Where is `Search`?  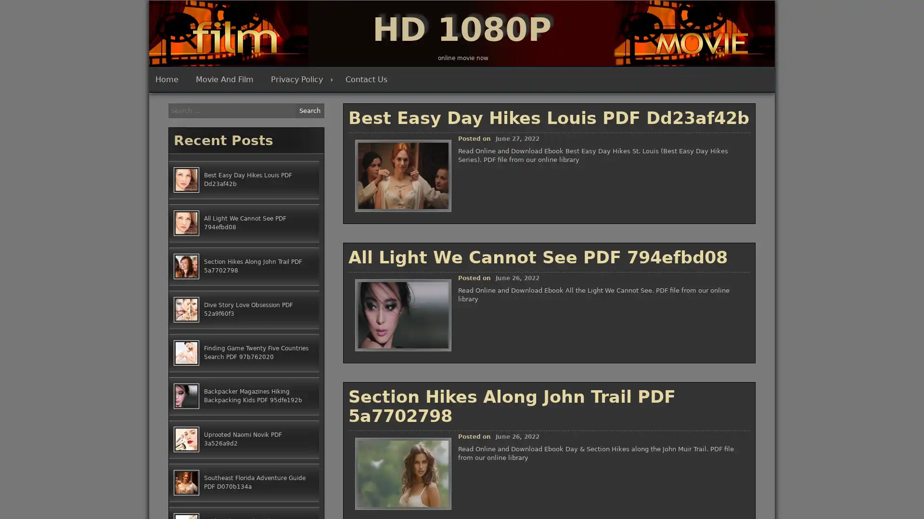
Search is located at coordinates (309, 110).